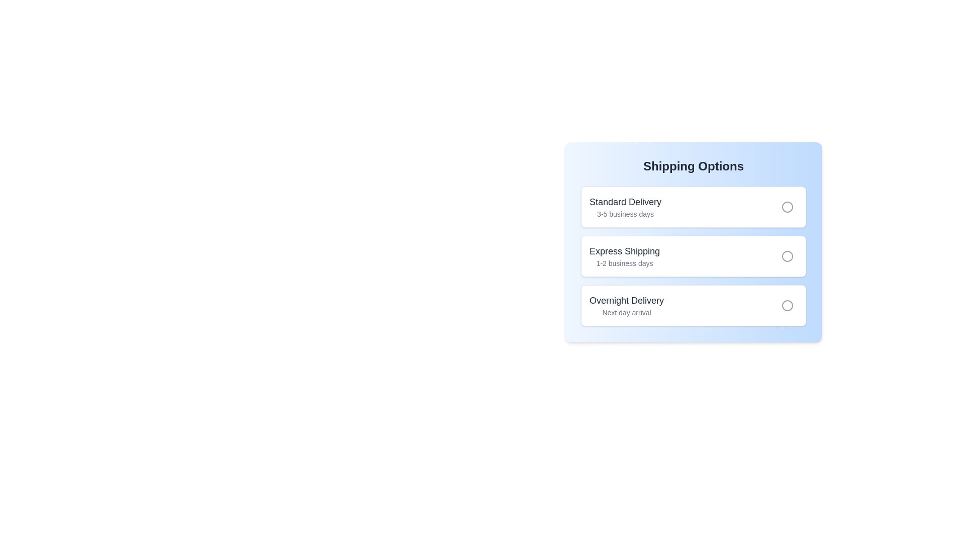 The image size is (965, 543). Describe the element at coordinates (787, 305) in the screenshot. I see `the third radio button in the vertical list` at that location.